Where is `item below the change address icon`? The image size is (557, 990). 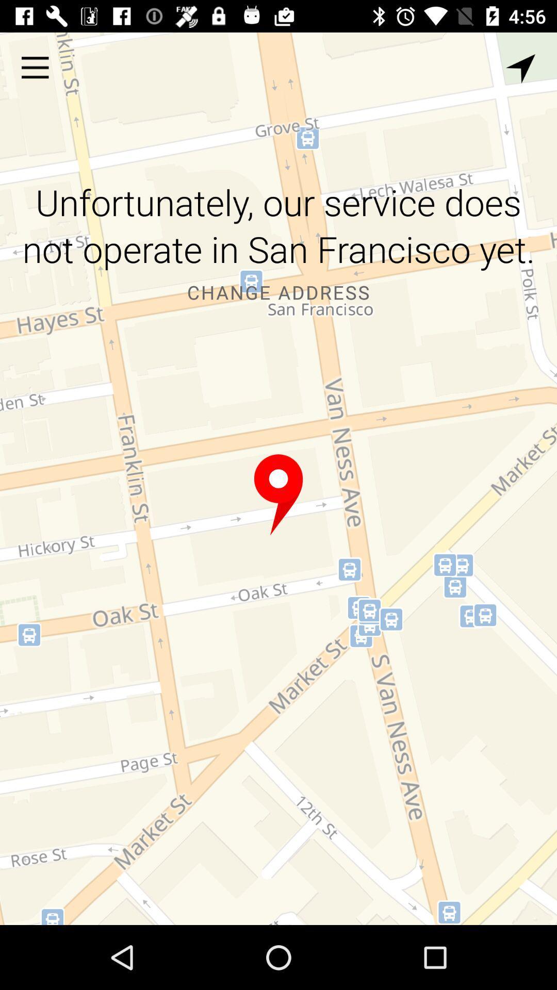 item below the change address icon is located at coordinates (278, 495).